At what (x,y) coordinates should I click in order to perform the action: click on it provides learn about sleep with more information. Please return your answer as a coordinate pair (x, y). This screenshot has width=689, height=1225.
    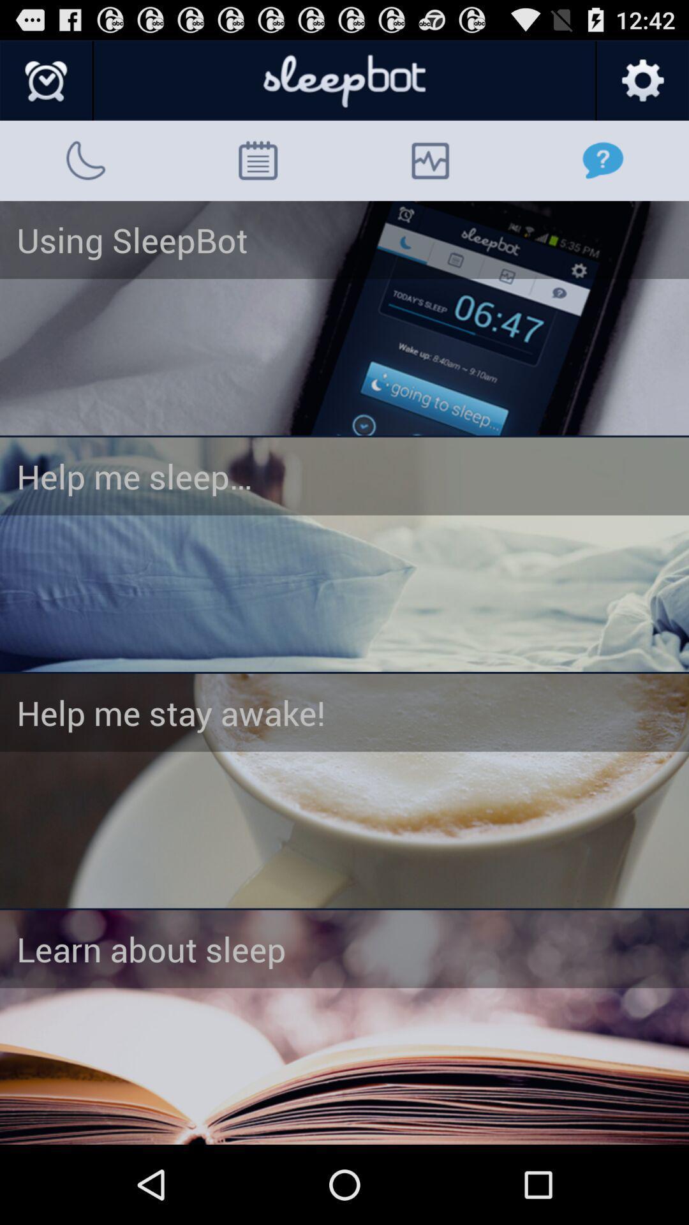
    Looking at the image, I should click on (344, 1027).